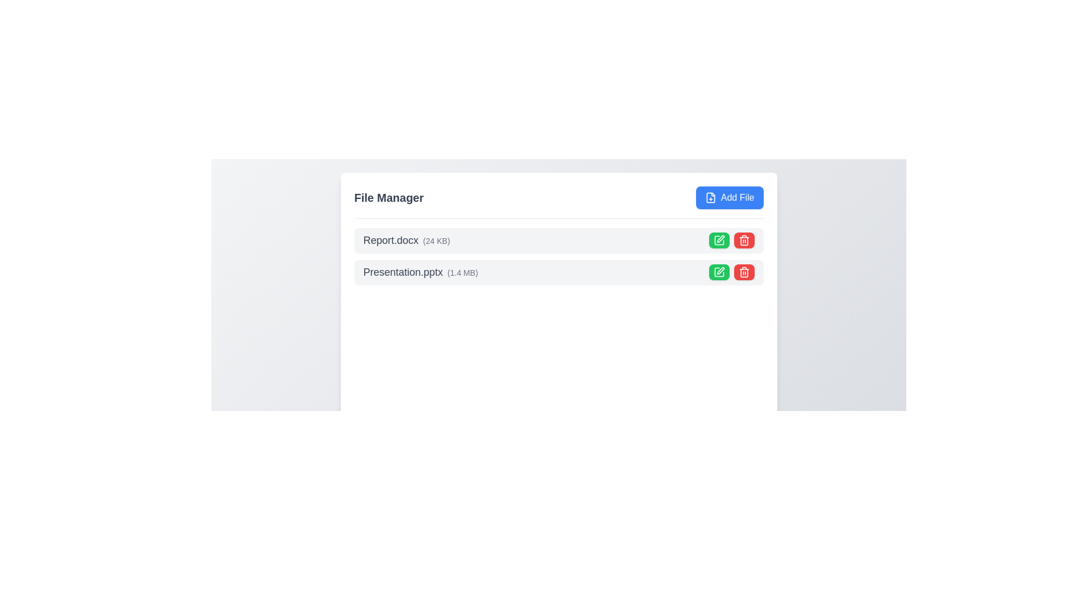 The width and height of the screenshot is (1091, 614). What do you see at coordinates (406, 240) in the screenshot?
I see `the text display containing 'Report.docx (24 KB)' which is styled with a larger, bold font for 'Report.docx' and smaller font for '(24 KB)' positioned in a light gray background` at bounding box center [406, 240].